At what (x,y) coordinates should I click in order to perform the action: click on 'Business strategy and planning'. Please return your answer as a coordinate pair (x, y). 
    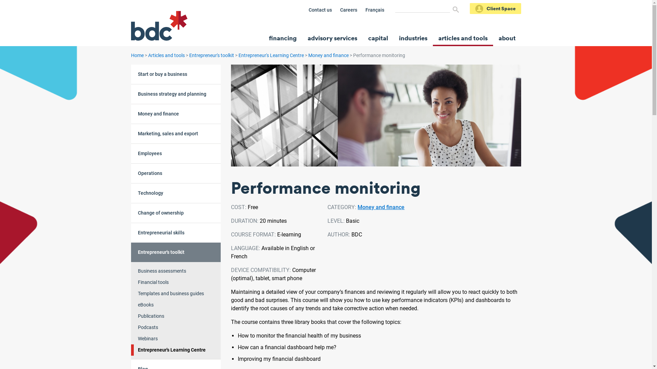
    Looking at the image, I should click on (176, 94).